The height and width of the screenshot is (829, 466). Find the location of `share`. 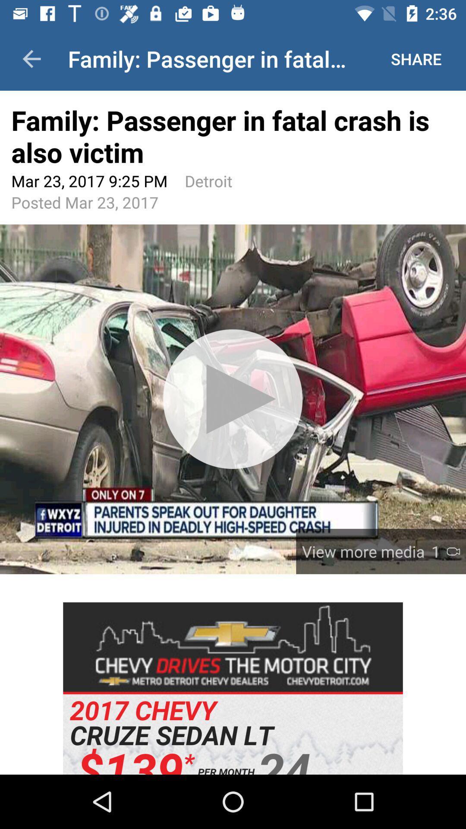

share is located at coordinates (416, 59).